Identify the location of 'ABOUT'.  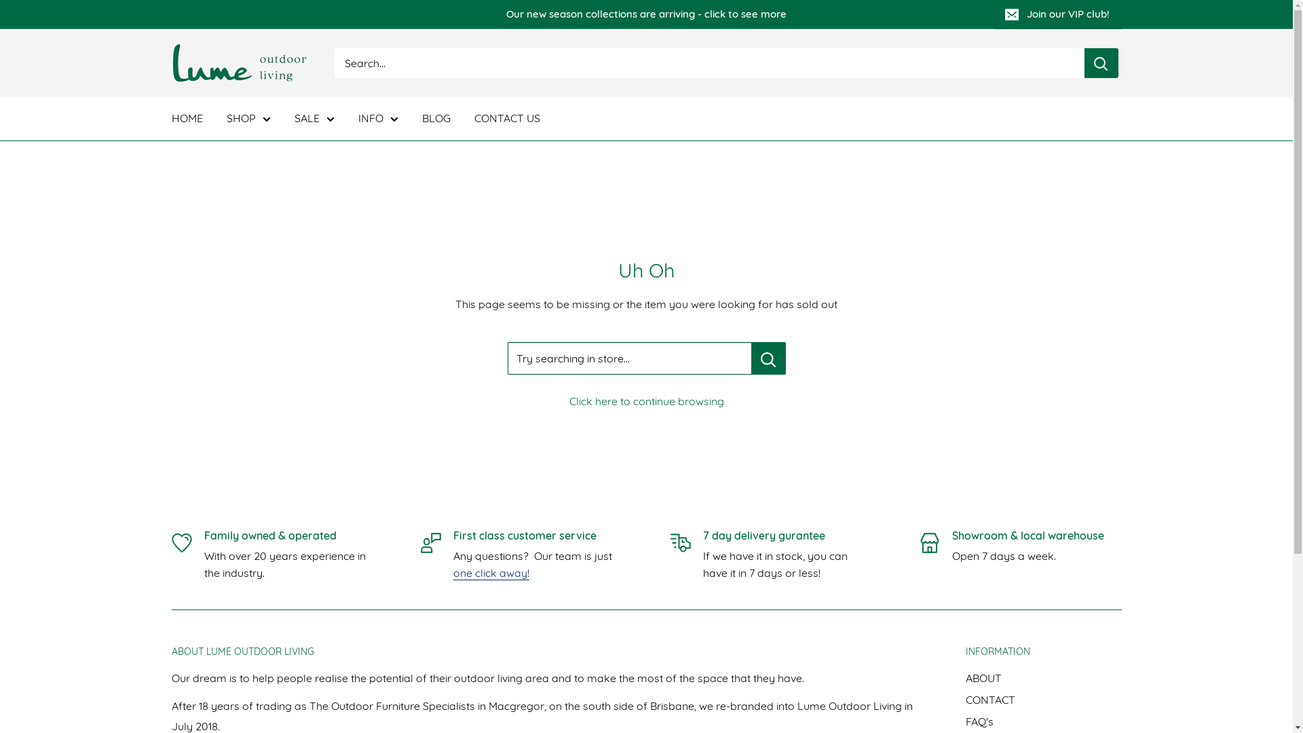
(1042, 678).